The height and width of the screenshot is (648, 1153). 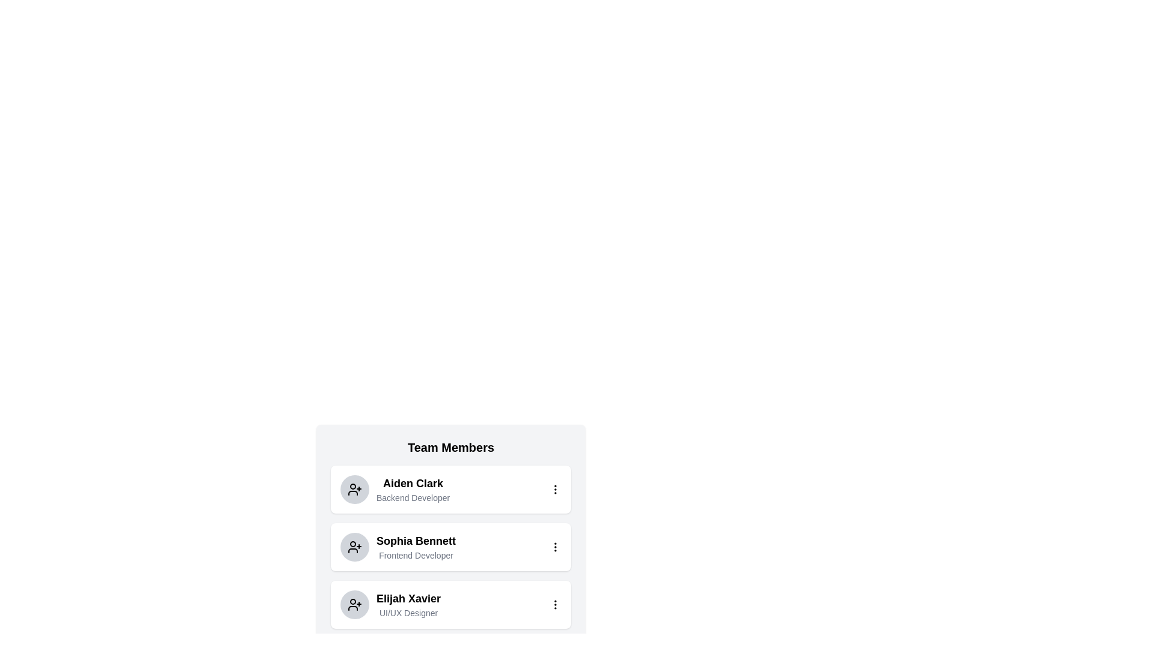 I want to click on the list item for 'Sophia Bennett', so click(x=450, y=547).